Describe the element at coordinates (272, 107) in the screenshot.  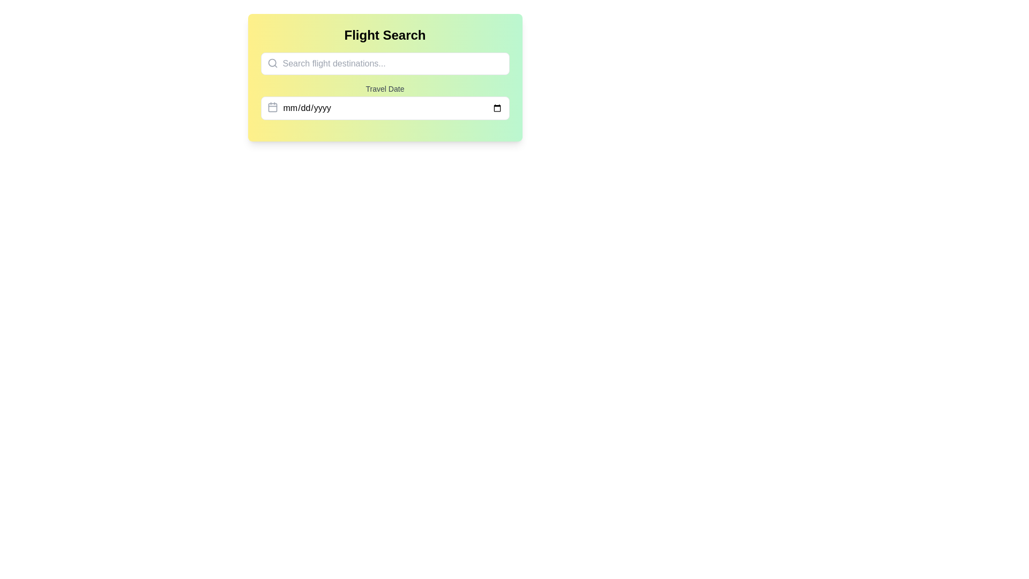
I see `the small gray calendar icon located` at that location.